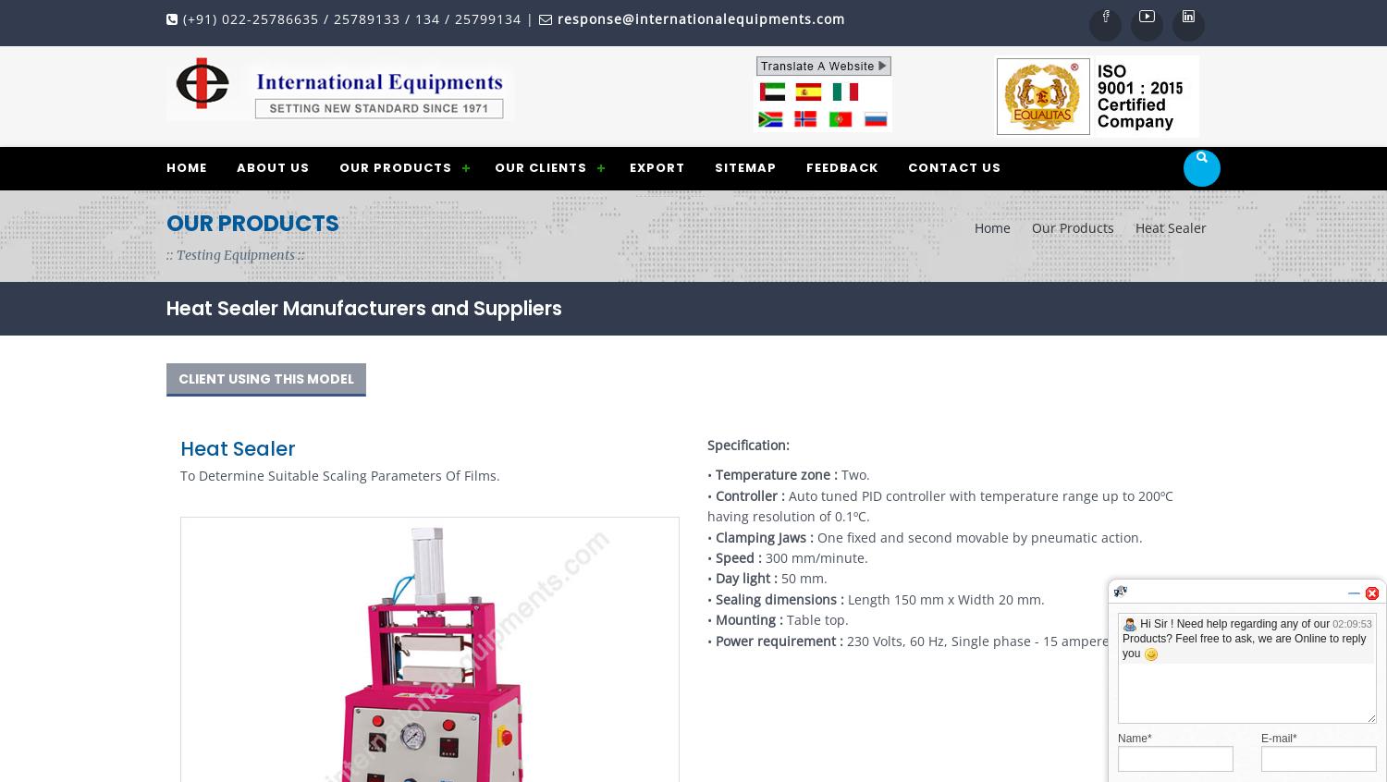 The width and height of the screenshot is (1387, 782). Describe the element at coordinates (557, 18) in the screenshot. I see `'response@internationalequipments.com'` at that location.